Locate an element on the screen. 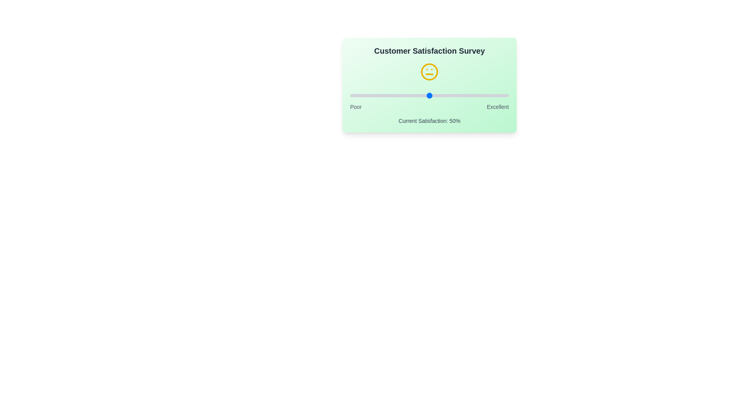  the satisfaction slider to 96% is located at coordinates (502, 95).